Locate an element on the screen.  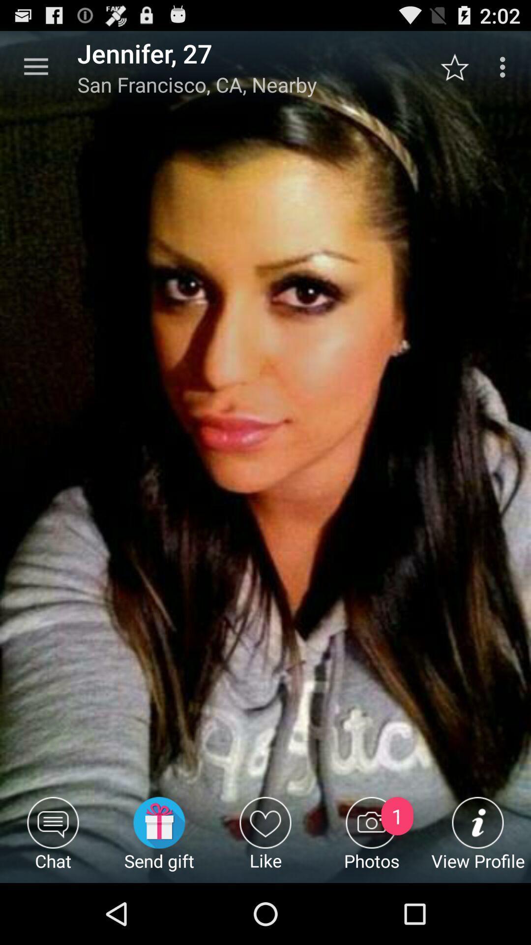
the chat is located at coordinates (53, 839).